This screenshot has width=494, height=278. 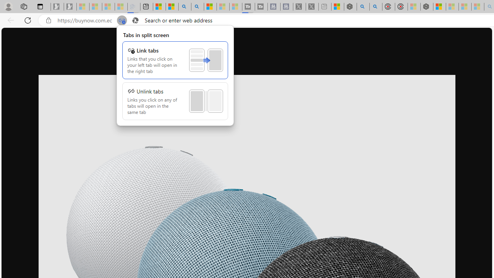 I want to click on 'Link tabs', so click(x=175, y=60).